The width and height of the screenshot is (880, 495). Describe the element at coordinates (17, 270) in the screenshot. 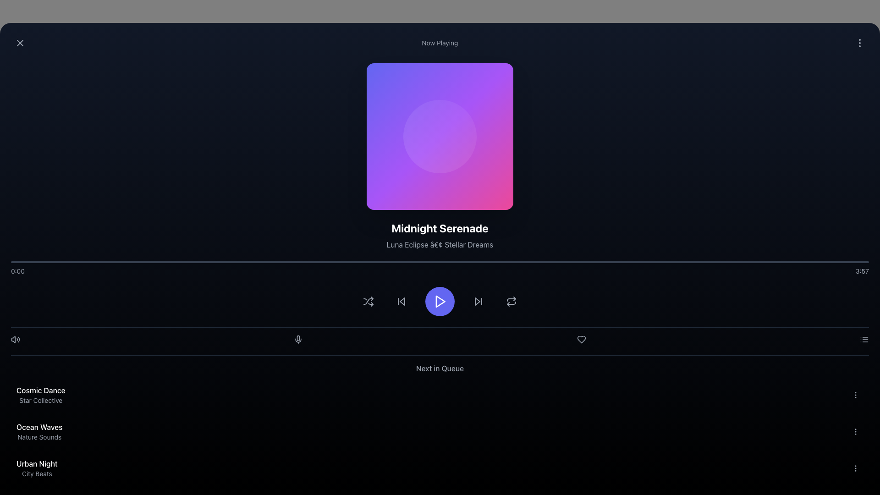

I see `the Text Label that indicates the current playback time in the media player, displaying '0:00', located at the bottom section of the interface` at that location.